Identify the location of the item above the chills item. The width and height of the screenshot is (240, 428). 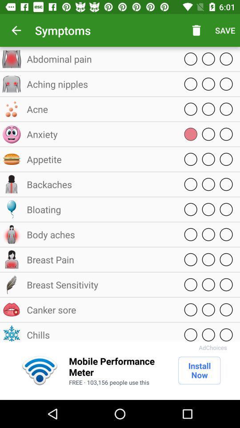
(100, 309).